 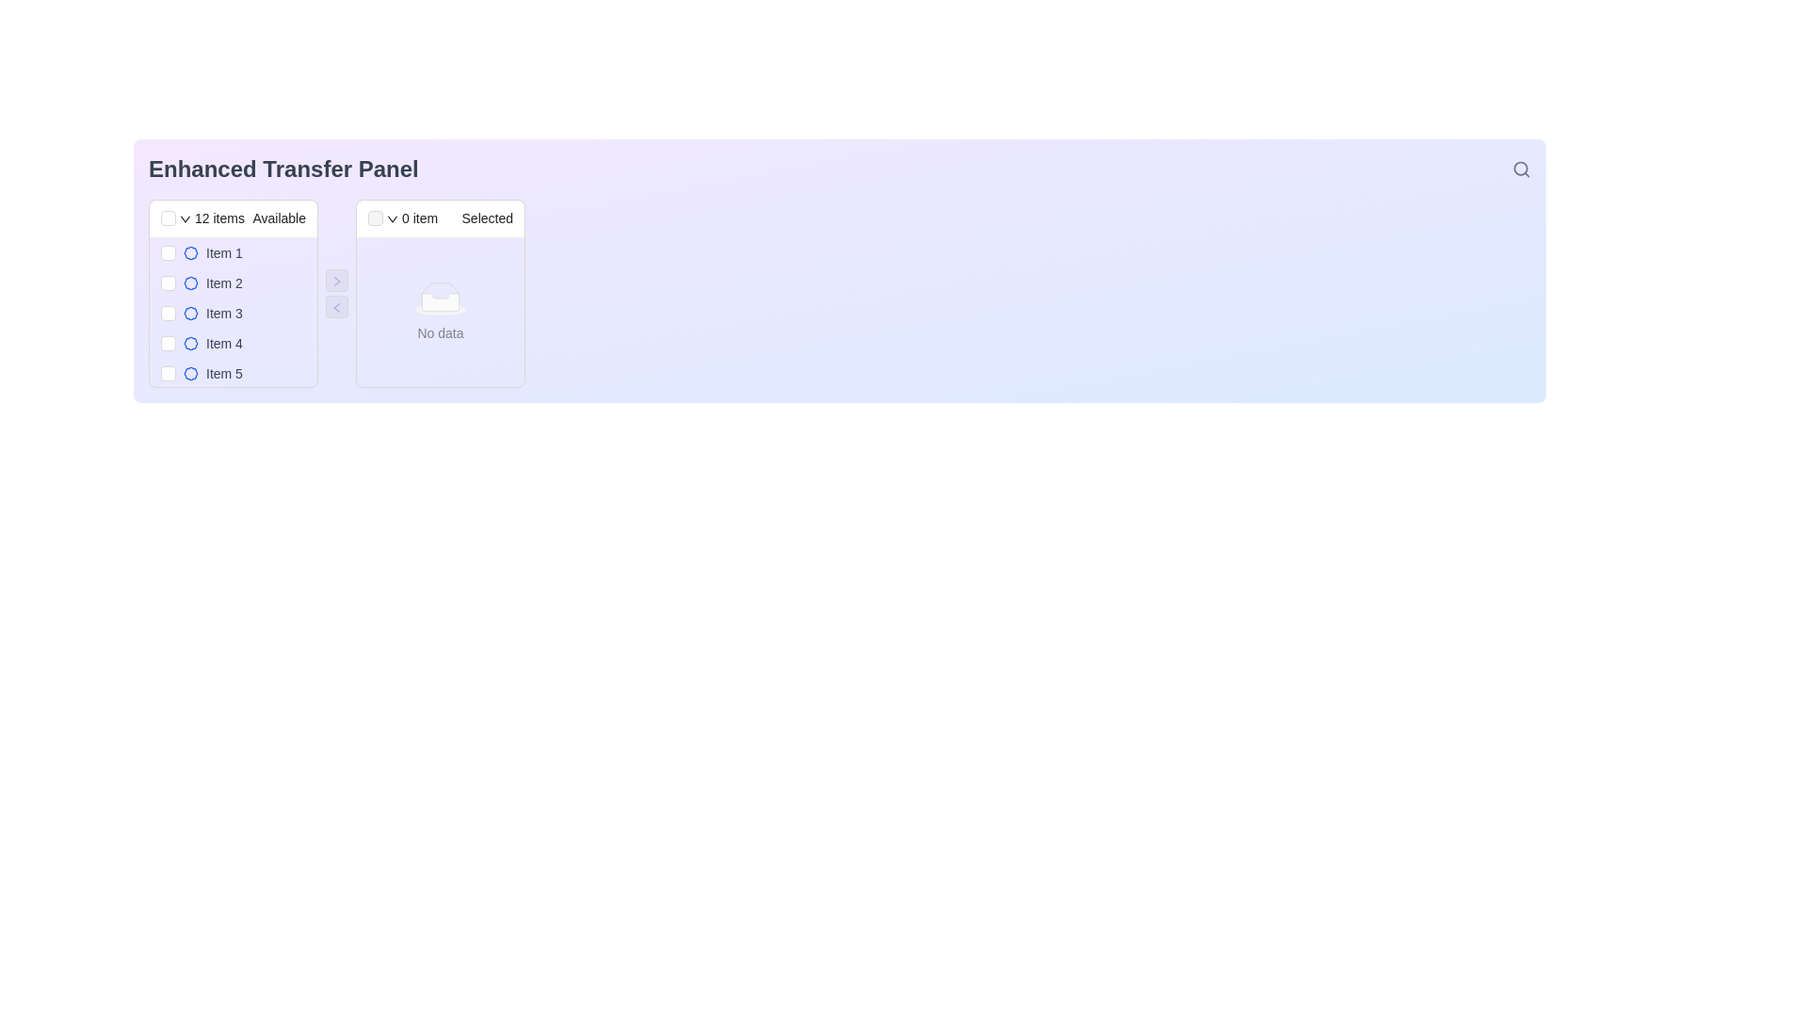 What do you see at coordinates (168, 312) in the screenshot?
I see `to select the checkbox at the beginning of the list item labeled 'Item 3', which is a small square checkbox with rounded corners` at bounding box center [168, 312].